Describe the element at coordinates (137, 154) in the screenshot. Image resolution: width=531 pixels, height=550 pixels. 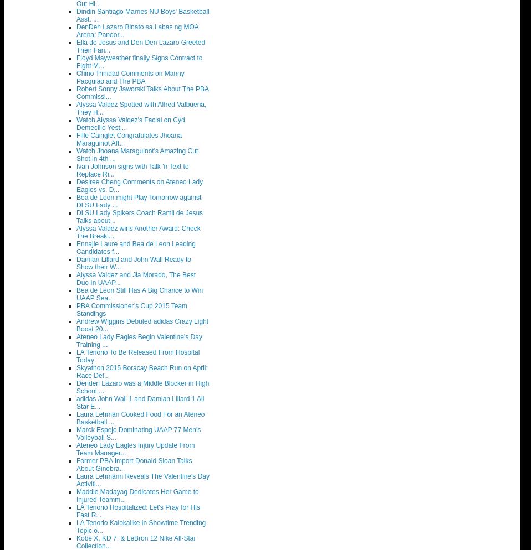
I see `'Watch Jhoana Maraguinot's Amazing Cut Shot in 4th ...'` at that location.